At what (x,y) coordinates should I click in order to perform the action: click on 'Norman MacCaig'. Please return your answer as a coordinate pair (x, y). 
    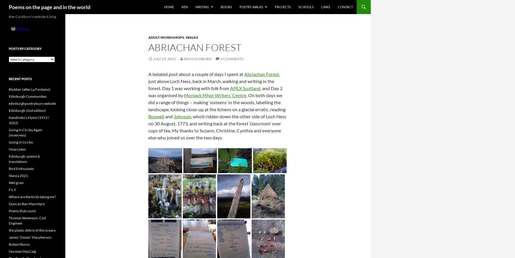
    Looking at the image, I should click on (22, 251).